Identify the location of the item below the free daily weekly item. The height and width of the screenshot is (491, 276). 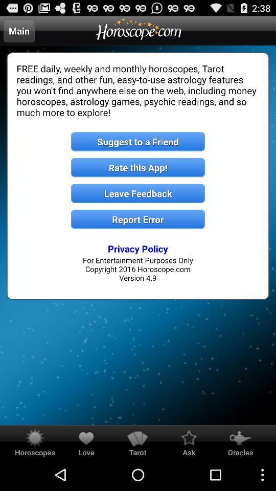
(138, 141).